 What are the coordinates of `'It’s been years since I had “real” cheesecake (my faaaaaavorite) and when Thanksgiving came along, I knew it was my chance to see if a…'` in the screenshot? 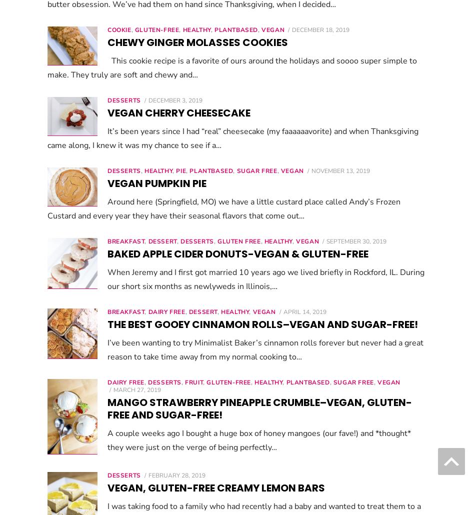 It's located at (263, 137).